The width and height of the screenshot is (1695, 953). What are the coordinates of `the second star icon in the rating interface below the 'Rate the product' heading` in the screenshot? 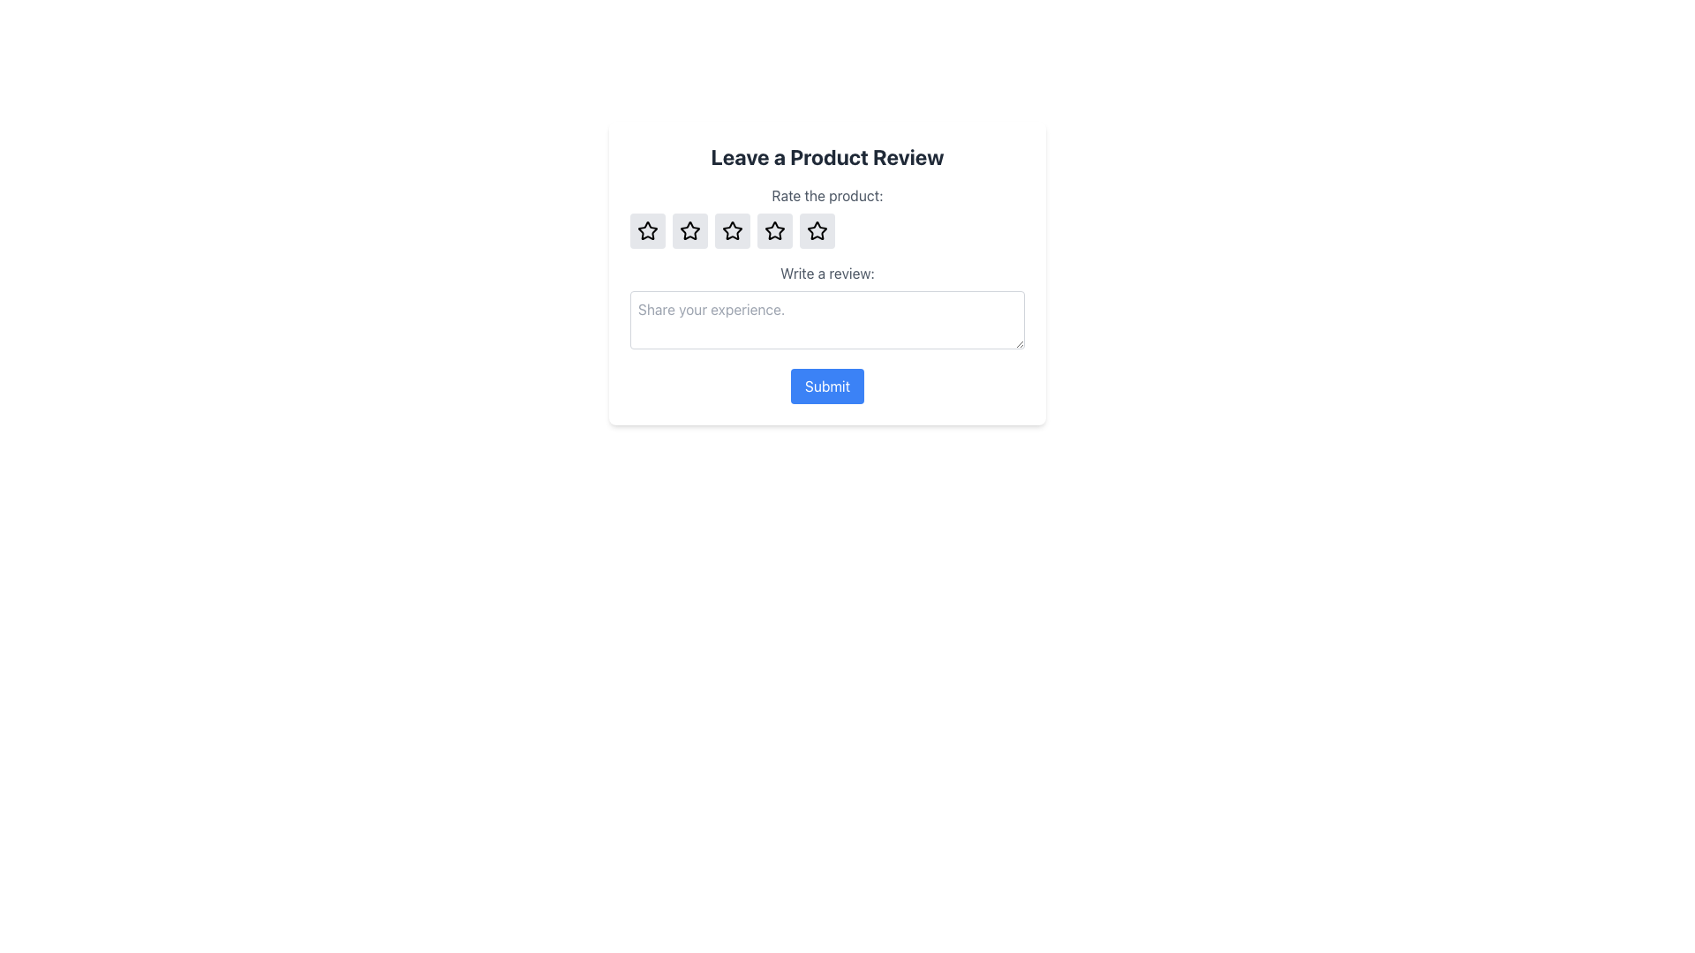 It's located at (733, 229).